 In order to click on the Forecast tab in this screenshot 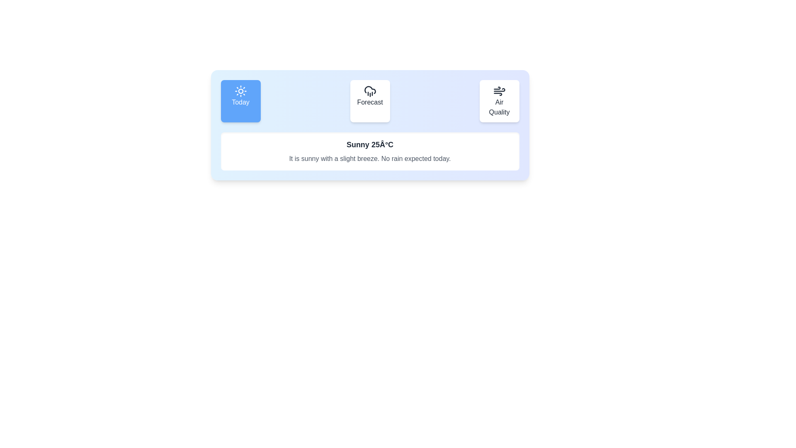, I will do `click(369, 100)`.